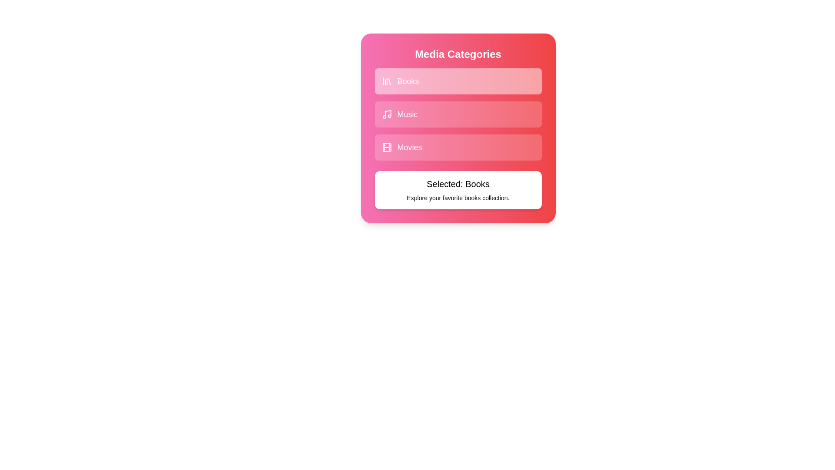  Describe the element at coordinates (458, 81) in the screenshot. I see `the 'Books' category to select it` at that location.